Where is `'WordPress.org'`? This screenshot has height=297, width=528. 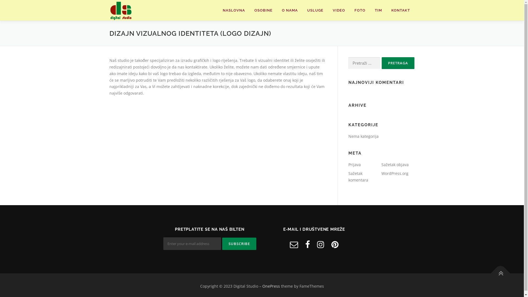 'WordPress.org' is located at coordinates (394, 173).